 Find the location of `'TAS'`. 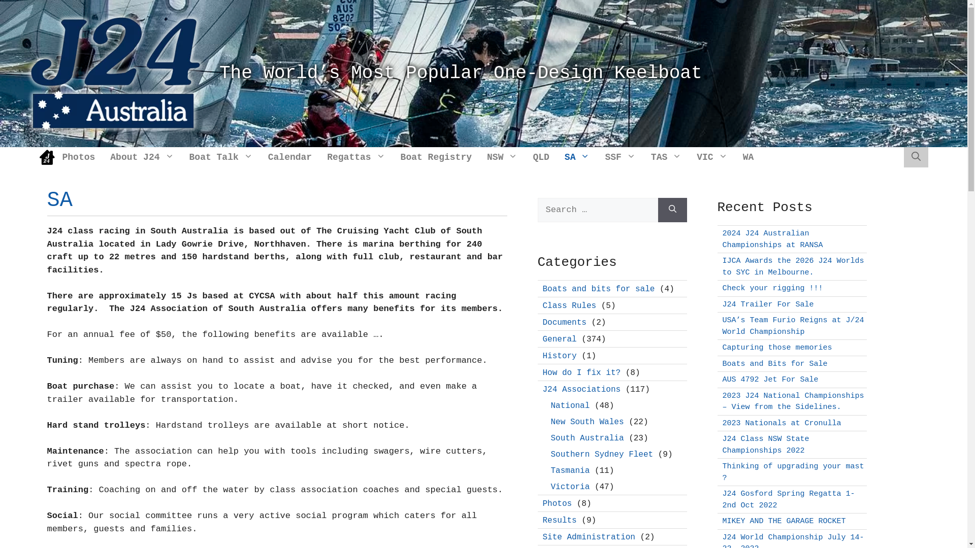

'TAS' is located at coordinates (666, 157).